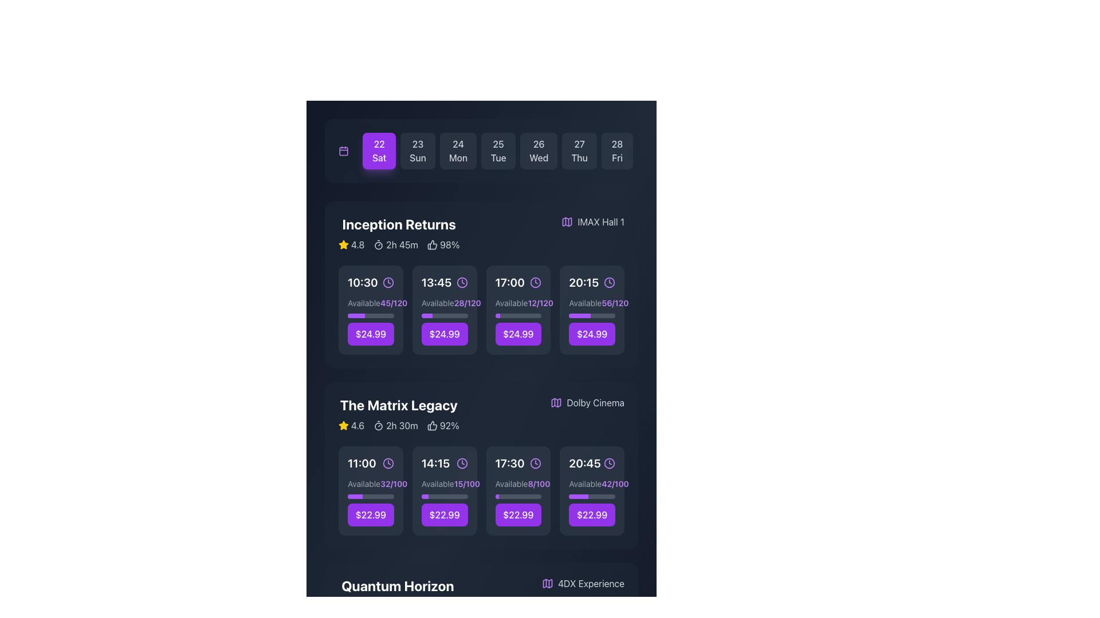 This screenshot has width=1100, height=618. I want to click on displayed time ('17:00') and seating information ('12/120') from the interactive card element with a gray background and a purple button at the bottom, so click(517, 310).